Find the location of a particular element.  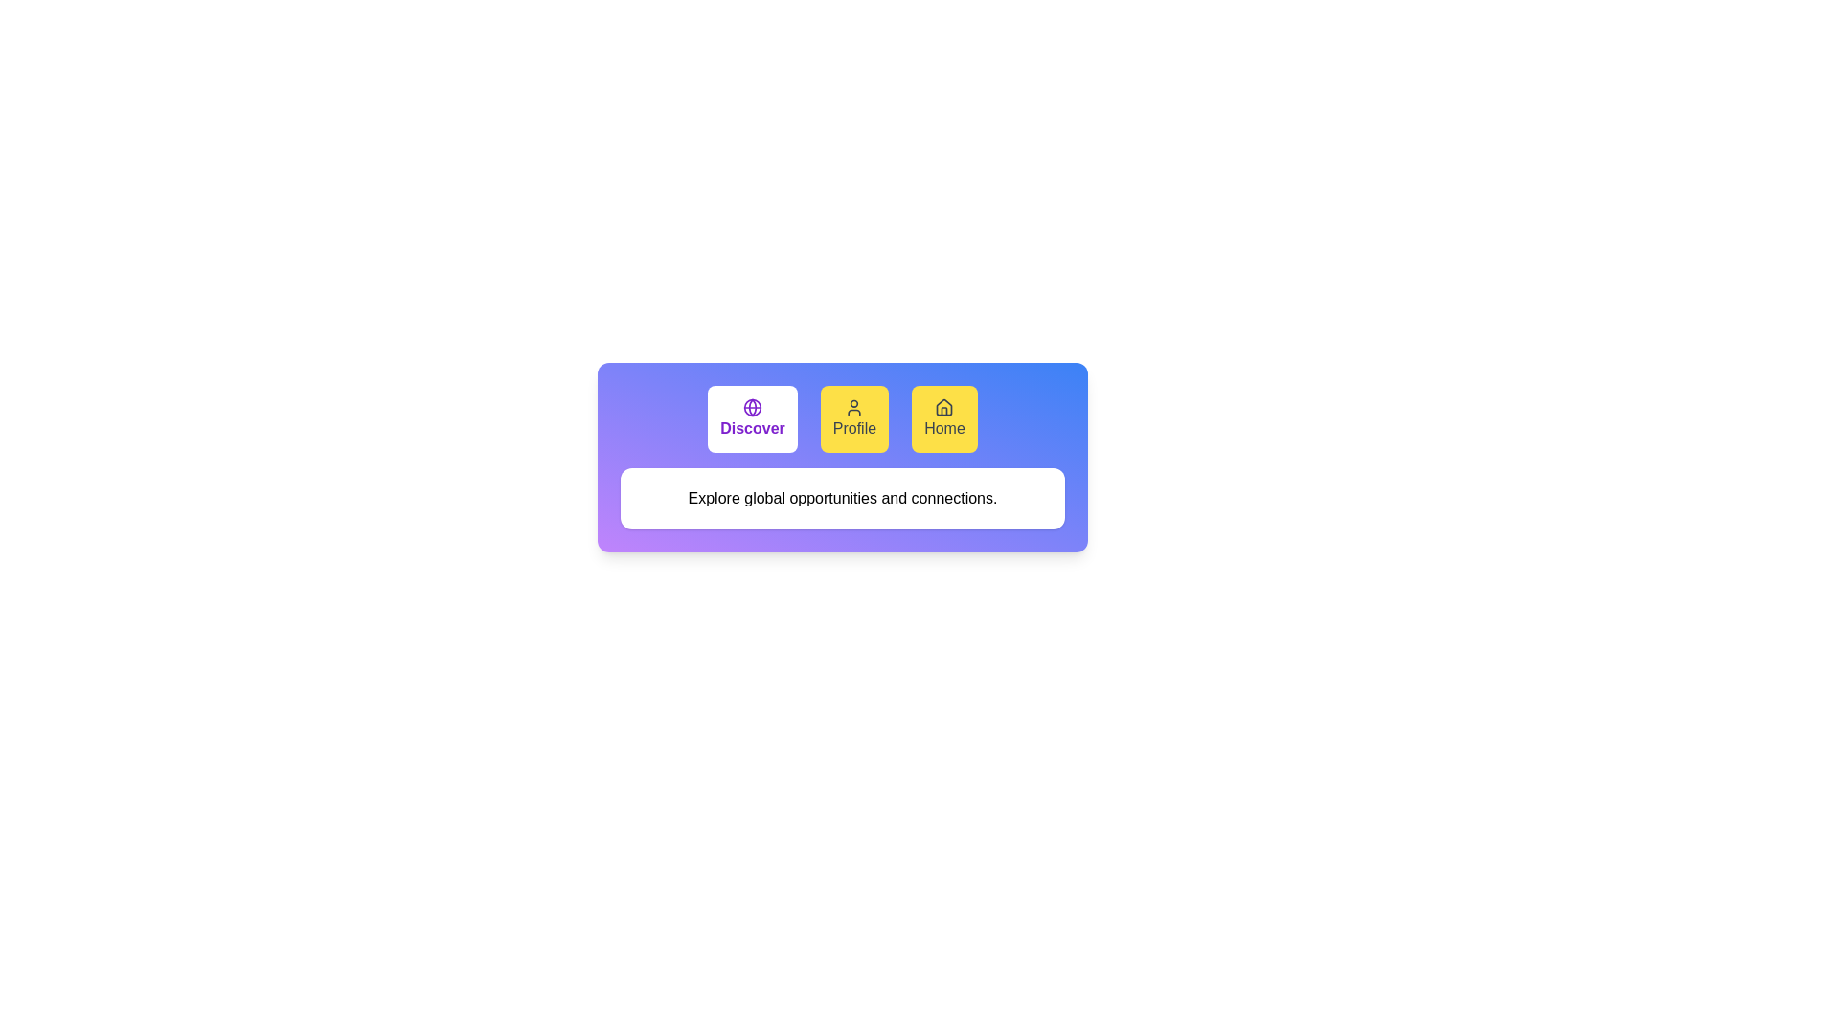

the 'Profile' button, which contains a circular icon resembling a user silhouette against a yellow background is located at coordinates (853, 406).